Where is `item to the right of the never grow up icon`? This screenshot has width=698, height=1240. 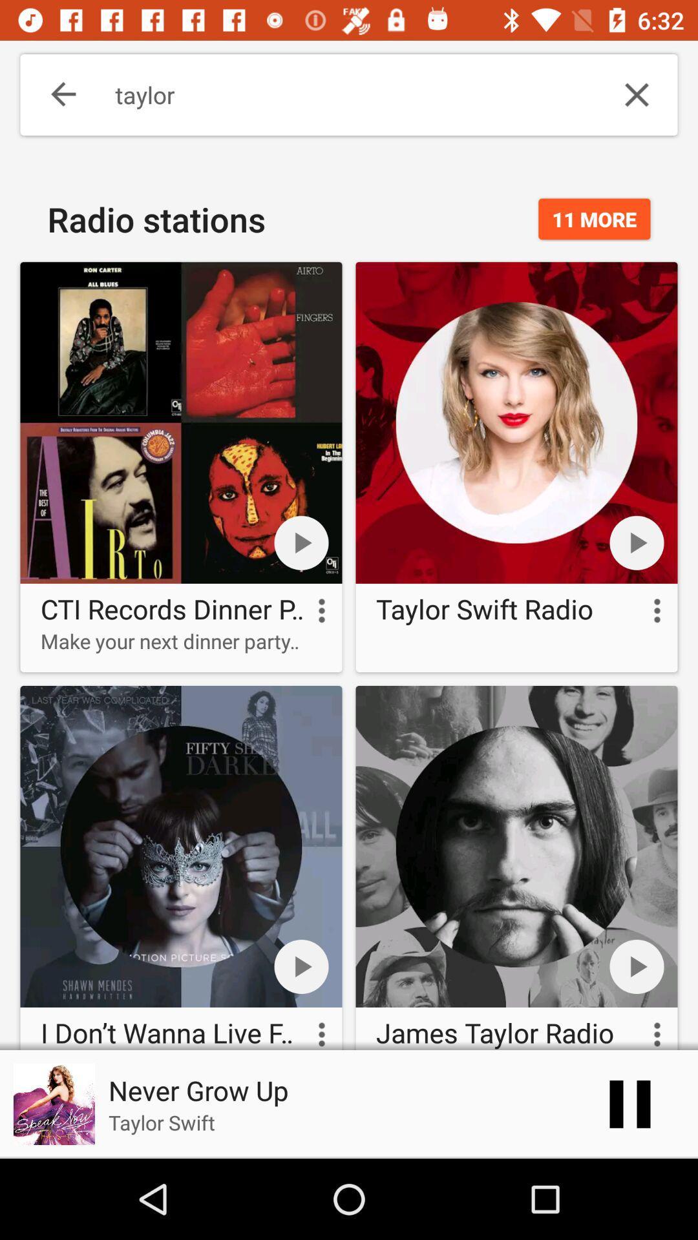 item to the right of the never grow up icon is located at coordinates (629, 1103).